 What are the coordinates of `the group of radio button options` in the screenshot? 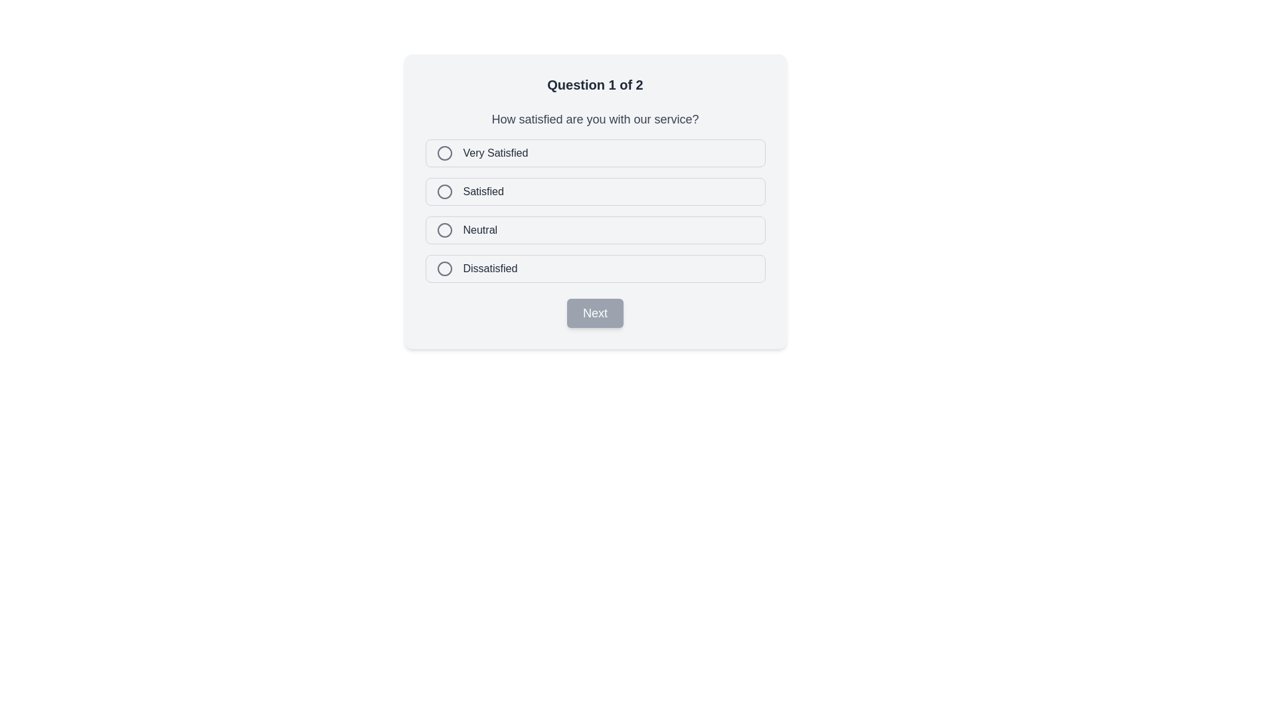 It's located at (594, 210).